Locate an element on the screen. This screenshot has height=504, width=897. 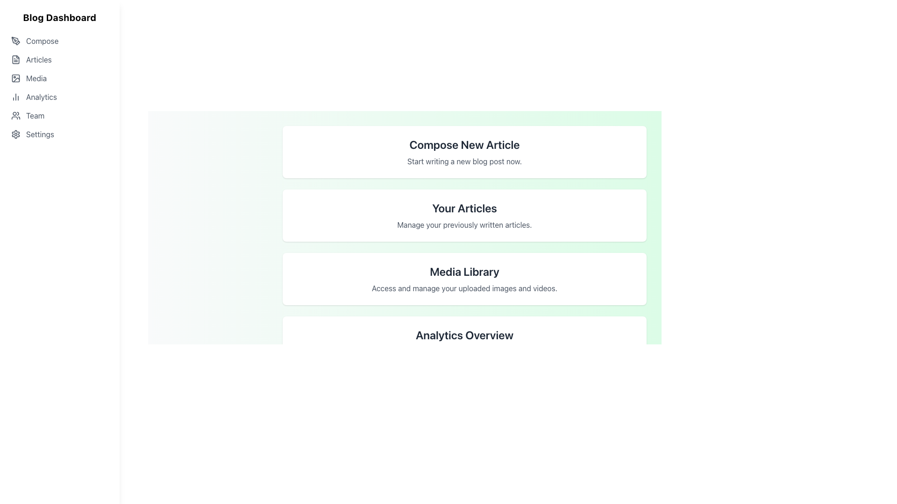
the document icon located in the sidebar menu, adjacent to the 'Articles' label is located at coordinates (15, 59).